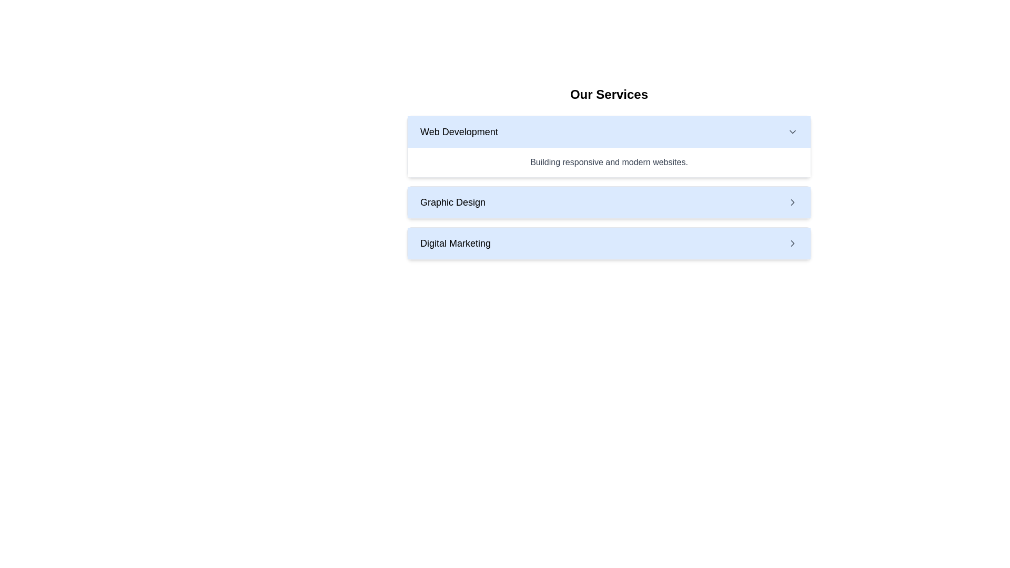  What do you see at coordinates (793, 243) in the screenshot?
I see `the arrow icon in the 'Digital Marketing' section` at bounding box center [793, 243].